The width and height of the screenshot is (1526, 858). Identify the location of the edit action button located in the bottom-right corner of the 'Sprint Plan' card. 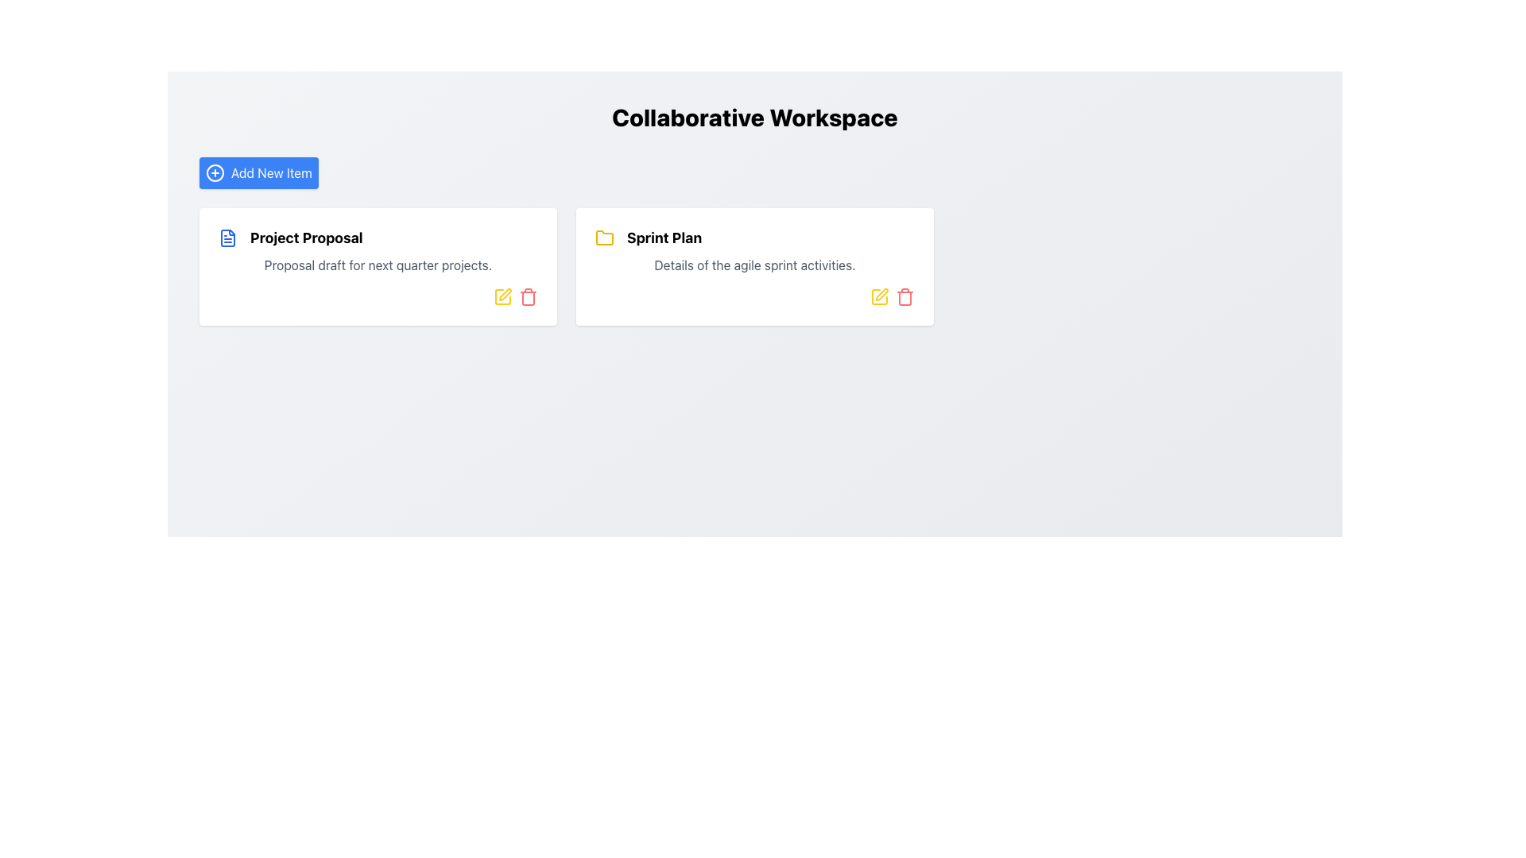
(879, 297).